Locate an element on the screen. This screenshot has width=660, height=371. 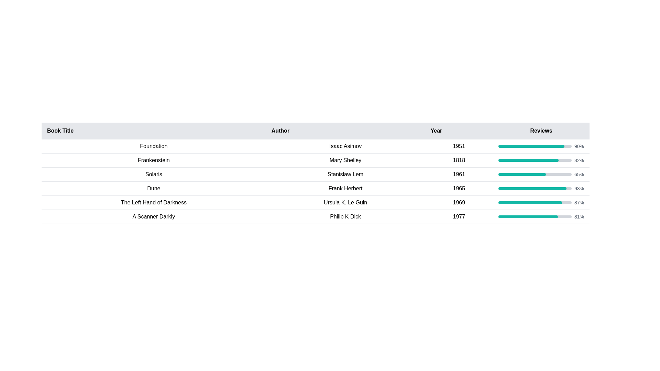
the table row containing the book details for 'Dune', including the title, author, year, and review rating is located at coordinates (315, 188).